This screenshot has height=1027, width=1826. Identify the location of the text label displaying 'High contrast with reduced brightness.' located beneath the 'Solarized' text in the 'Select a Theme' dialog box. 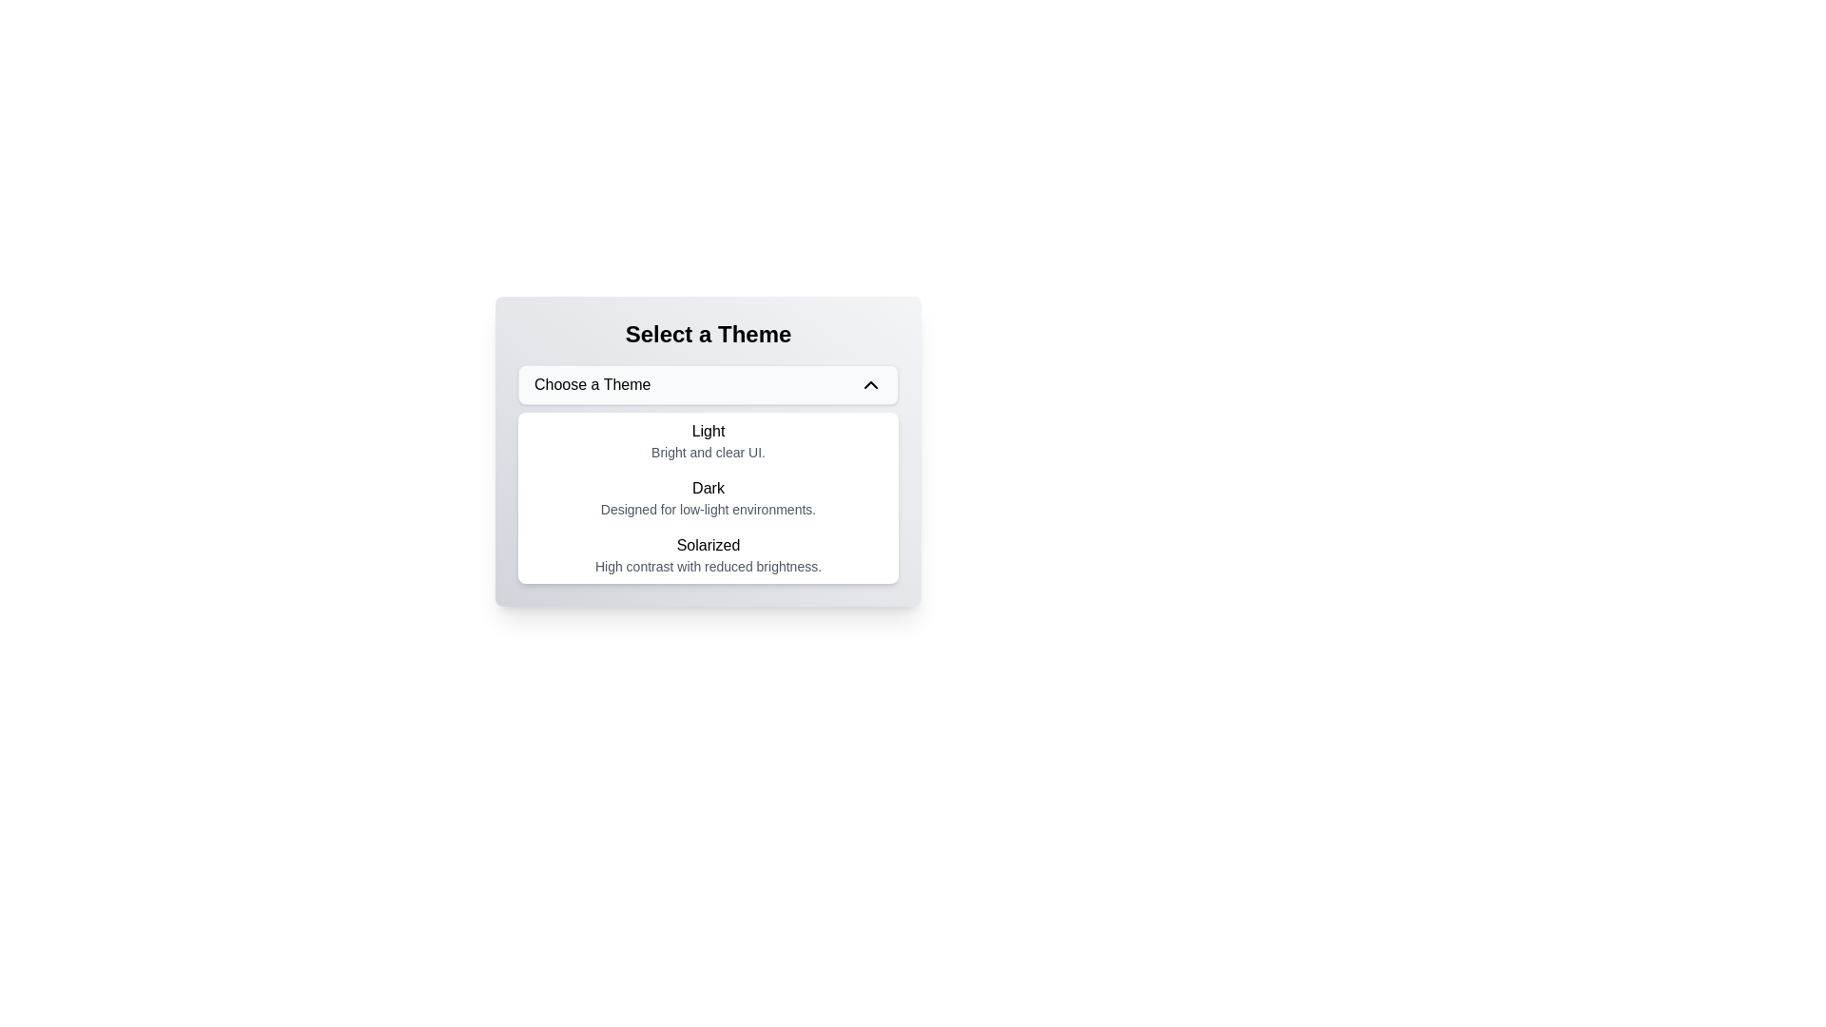
(707, 566).